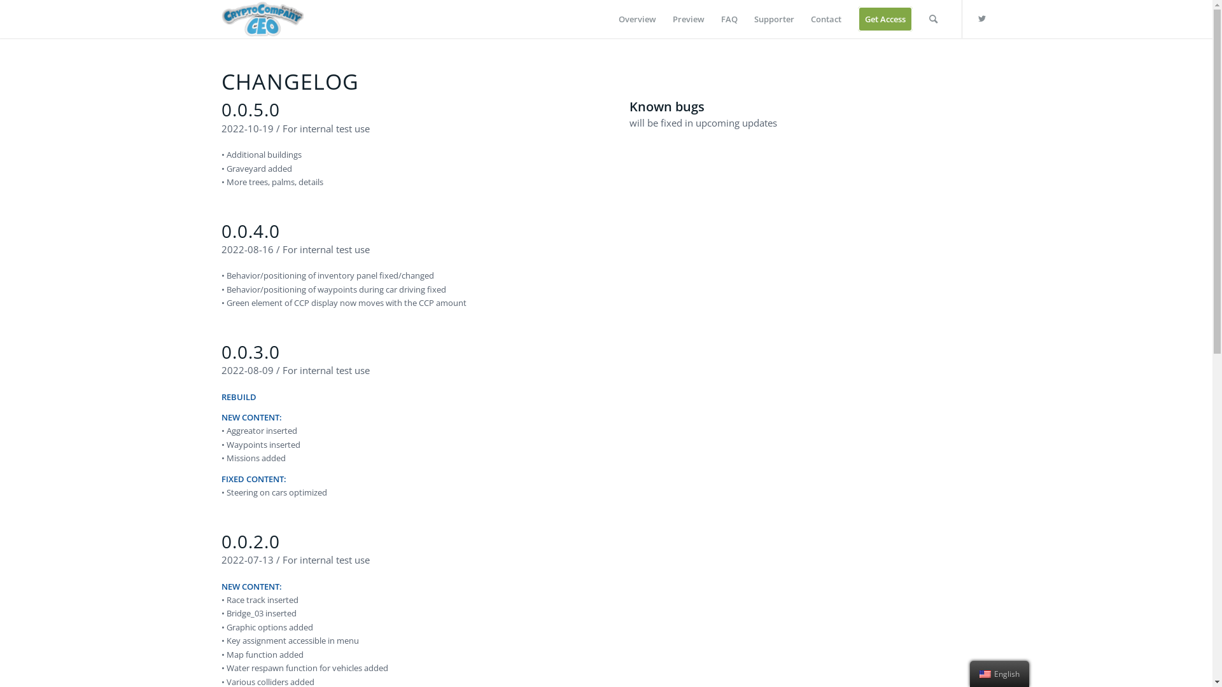  What do you see at coordinates (984, 674) in the screenshot?
I see `'English'` at bounding box center [984, 674].